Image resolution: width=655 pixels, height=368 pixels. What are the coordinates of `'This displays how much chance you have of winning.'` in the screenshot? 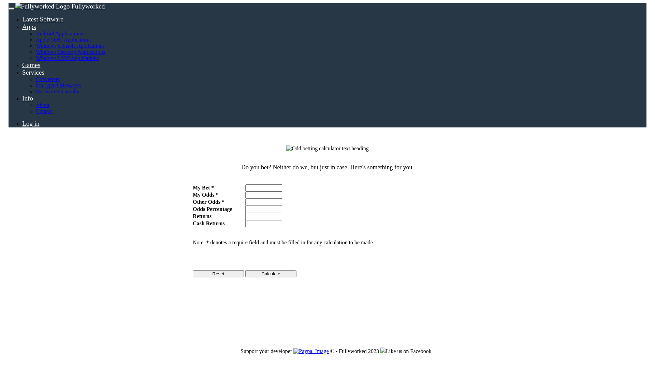 It's located at (263, 209).